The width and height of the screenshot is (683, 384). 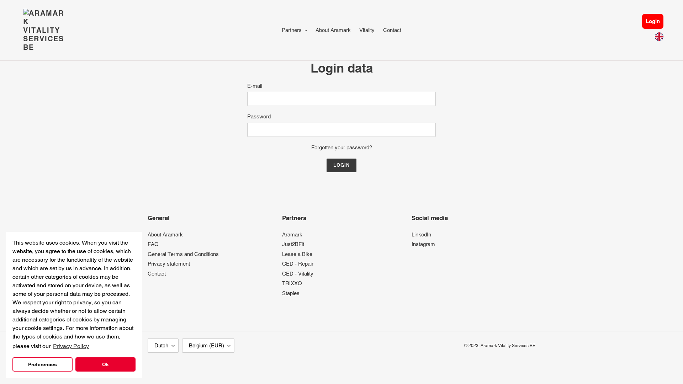 I want to click on 'General Terms and Conditions', so click(x=183, y=254).